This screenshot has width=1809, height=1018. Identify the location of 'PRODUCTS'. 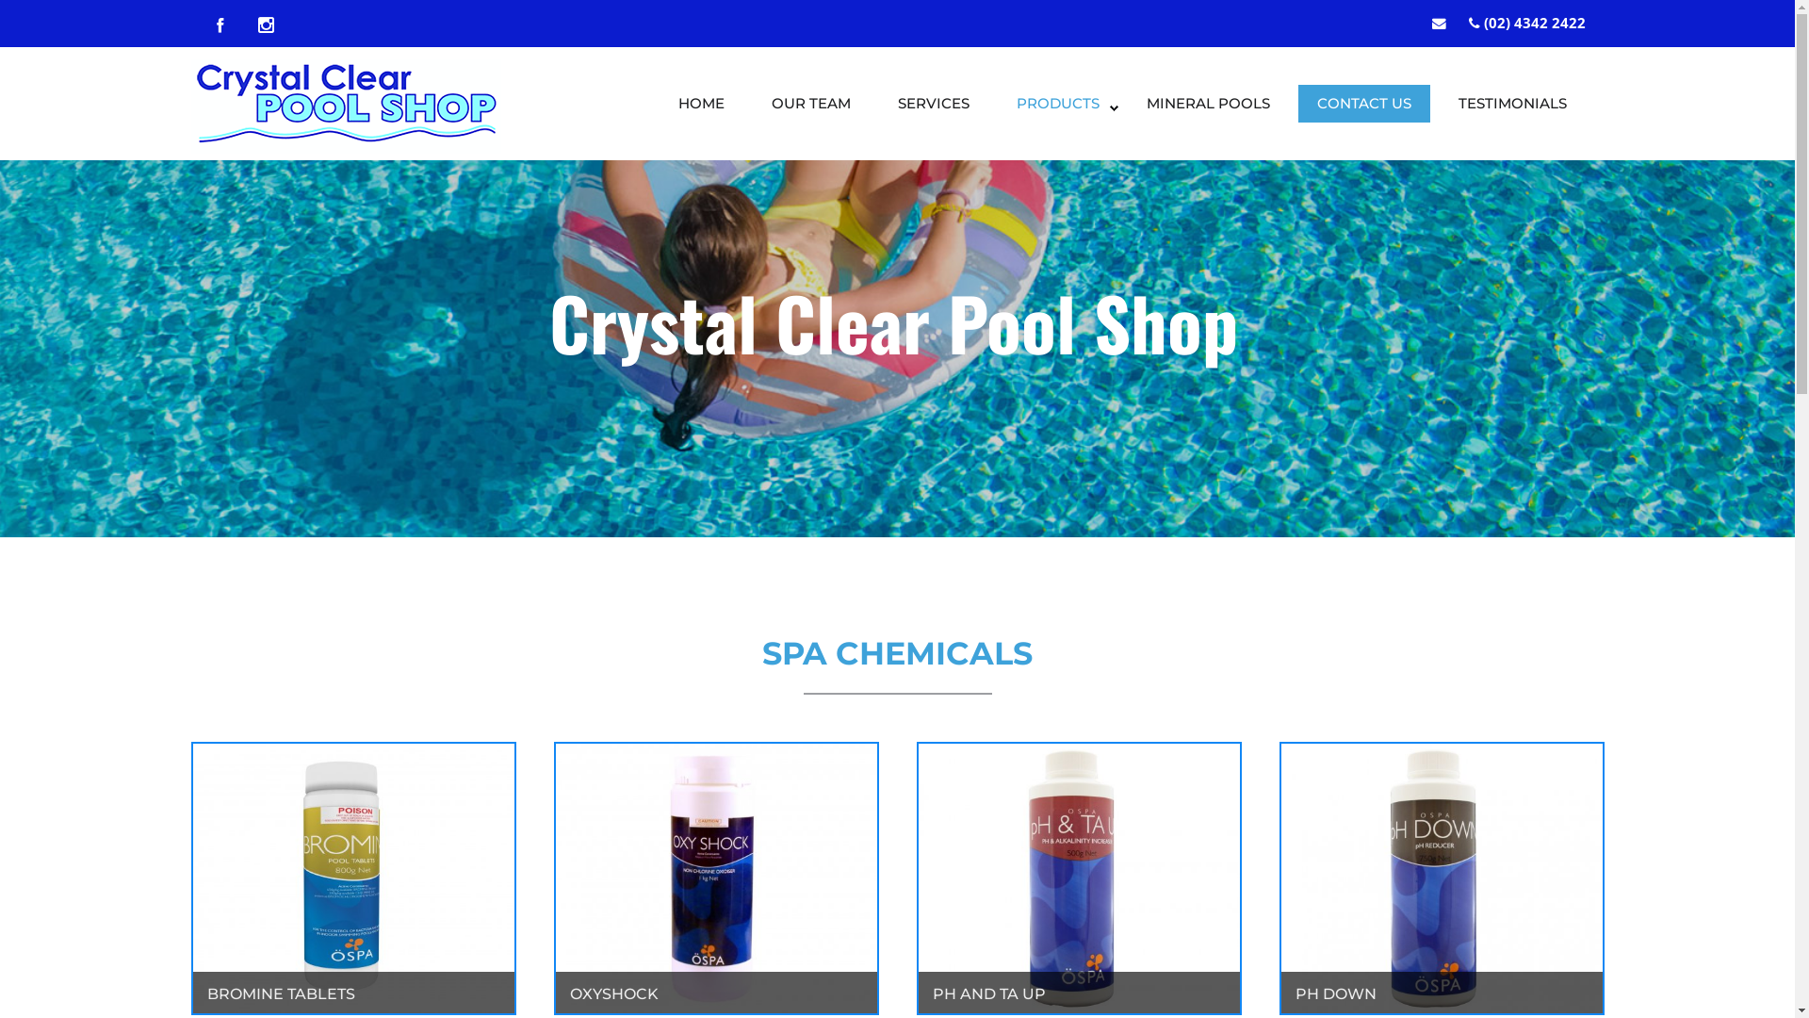
(1015, 103).